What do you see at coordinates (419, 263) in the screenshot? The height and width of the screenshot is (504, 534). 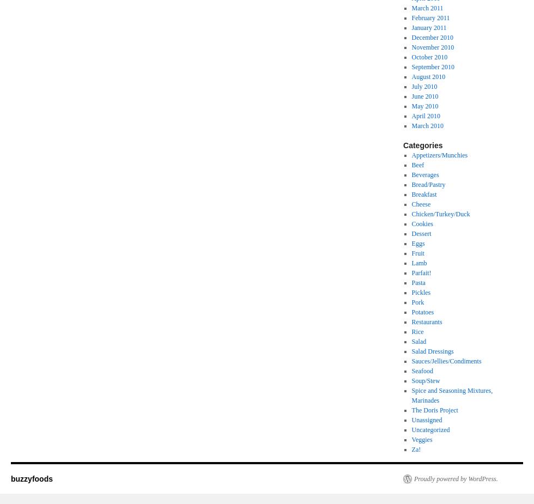 I see `'Lamb'` at bounding box center [419, 263].